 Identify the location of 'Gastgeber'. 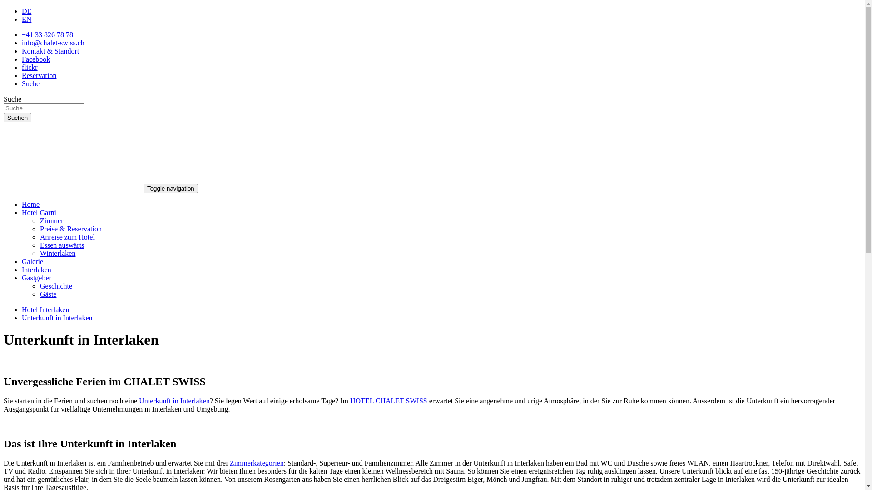
(36, 277).